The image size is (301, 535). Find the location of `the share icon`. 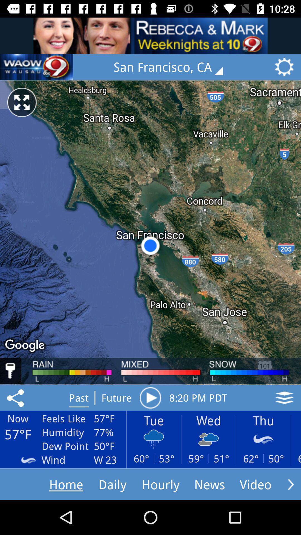

the share icon is located at coordinates (16, 397).